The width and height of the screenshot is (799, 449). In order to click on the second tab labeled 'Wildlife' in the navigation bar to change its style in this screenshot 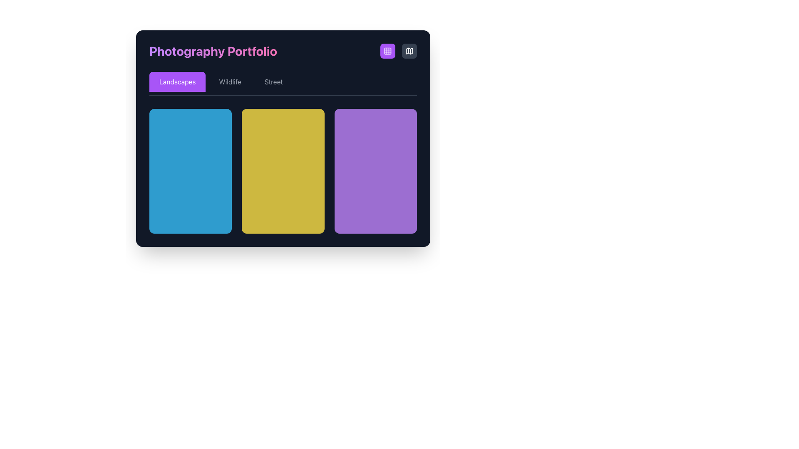, I will do `click(230, 81)`.